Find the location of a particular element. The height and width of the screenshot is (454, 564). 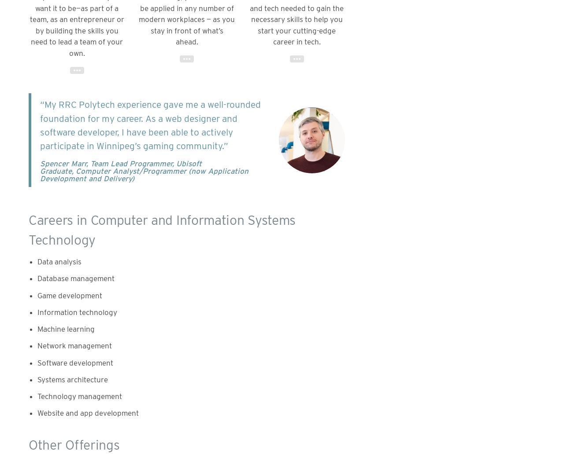

'Network management' is located at coordinates (74, 345).